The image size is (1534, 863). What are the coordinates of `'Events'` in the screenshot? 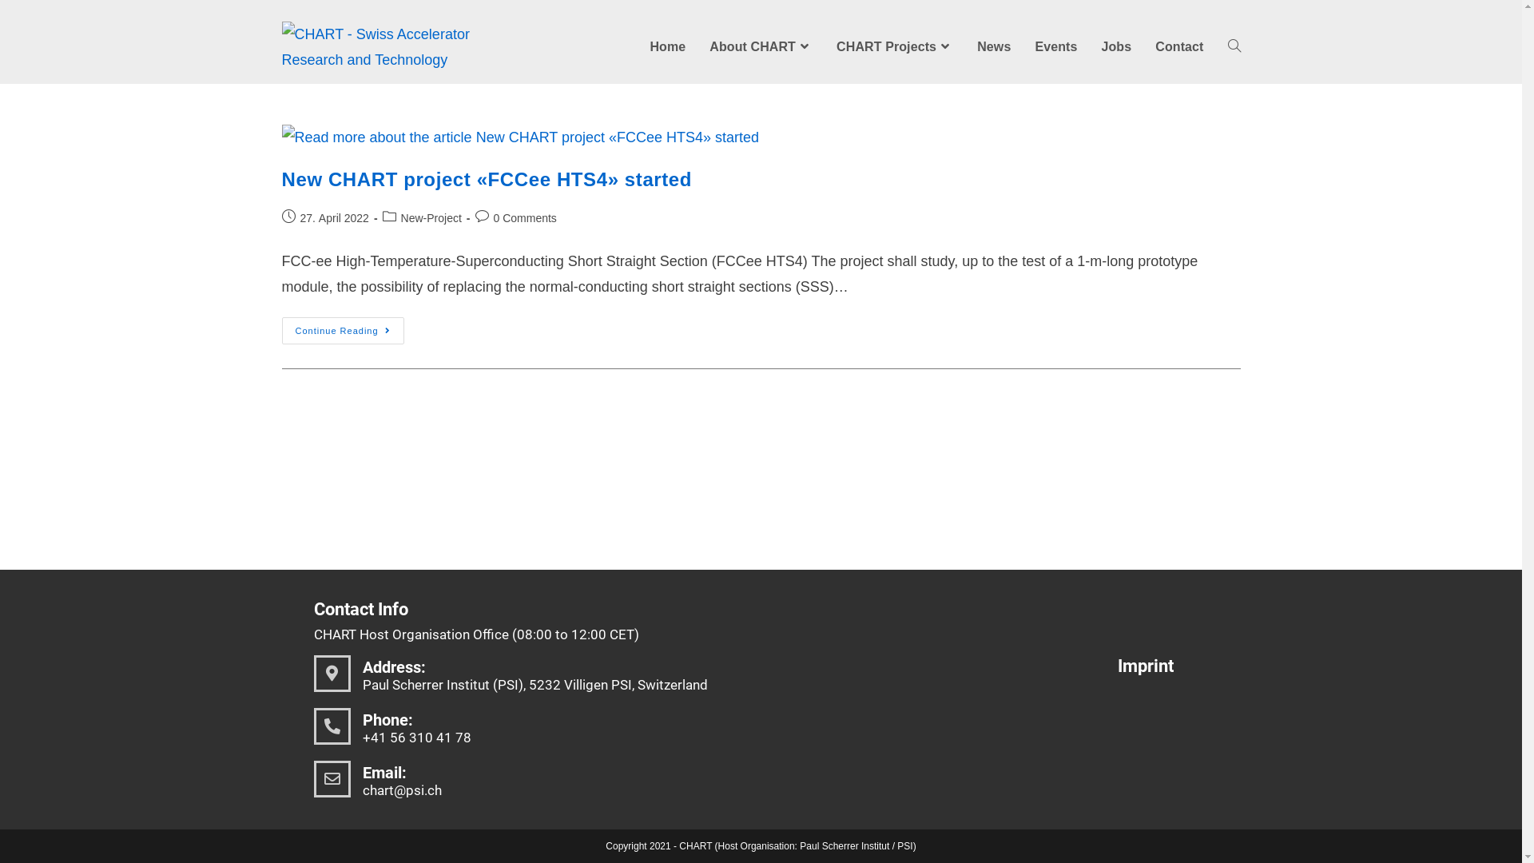 It's located at (1055, 46).